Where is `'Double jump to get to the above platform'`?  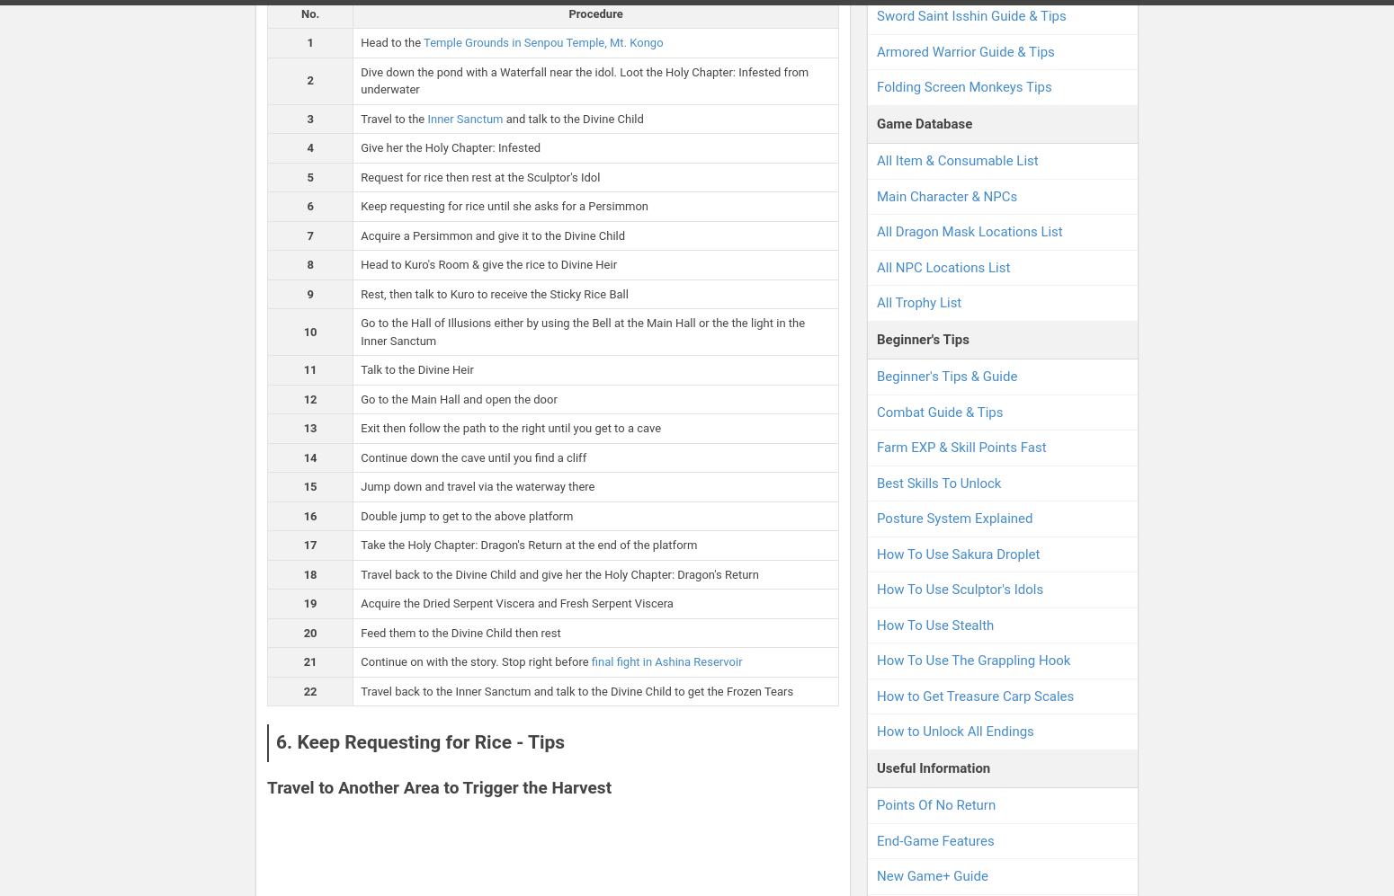 'Double jump to get to the above platform' is located at coordinates (465, 515).